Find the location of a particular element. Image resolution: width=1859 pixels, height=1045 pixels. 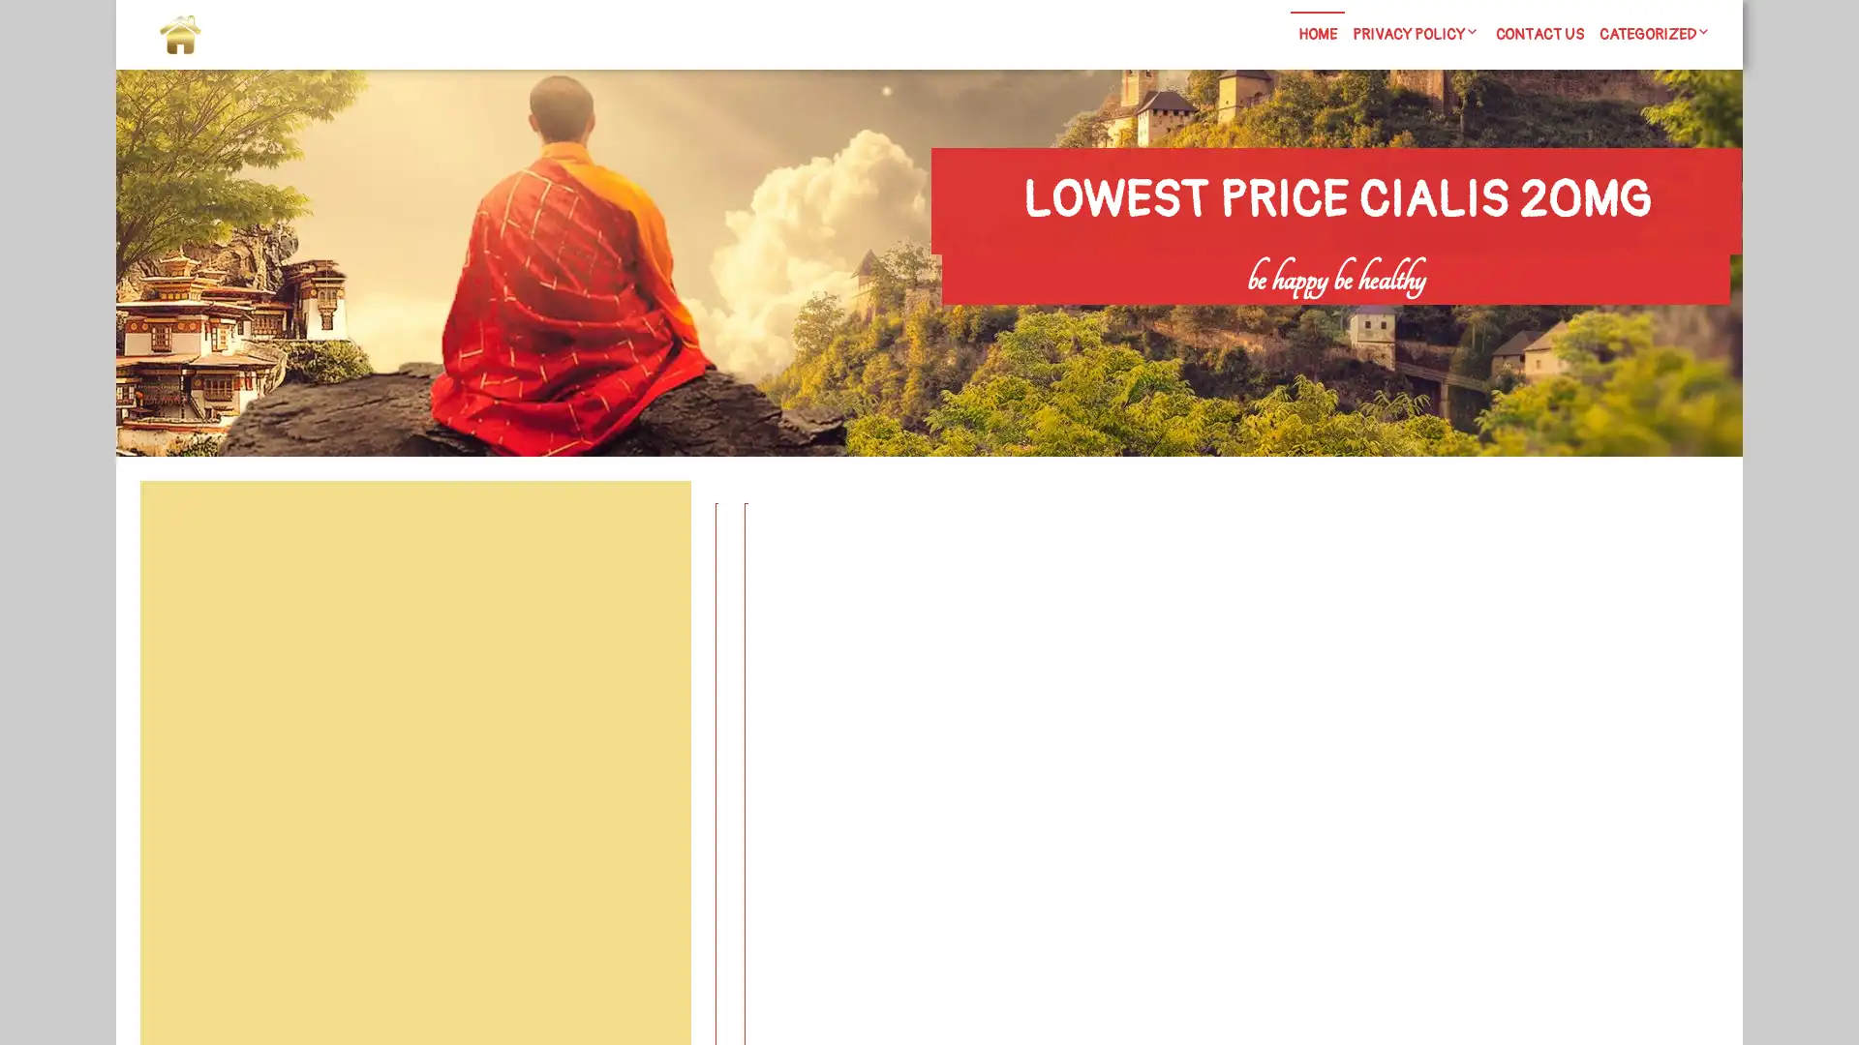

Search is located at coordinates (1508, 316).